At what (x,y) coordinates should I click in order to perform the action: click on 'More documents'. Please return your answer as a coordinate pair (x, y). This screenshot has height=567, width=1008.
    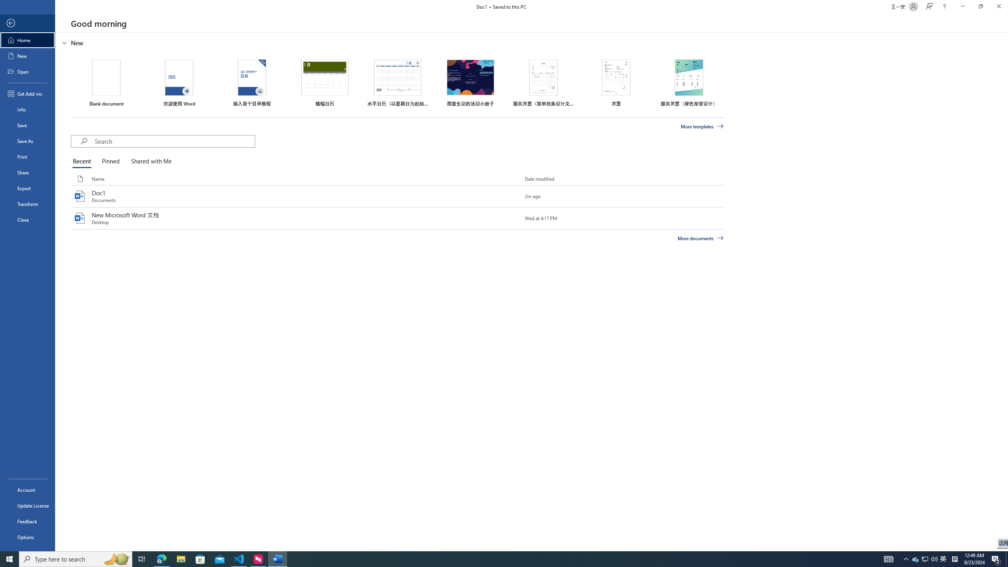
    Looking at the image, I should click on (700, 238).